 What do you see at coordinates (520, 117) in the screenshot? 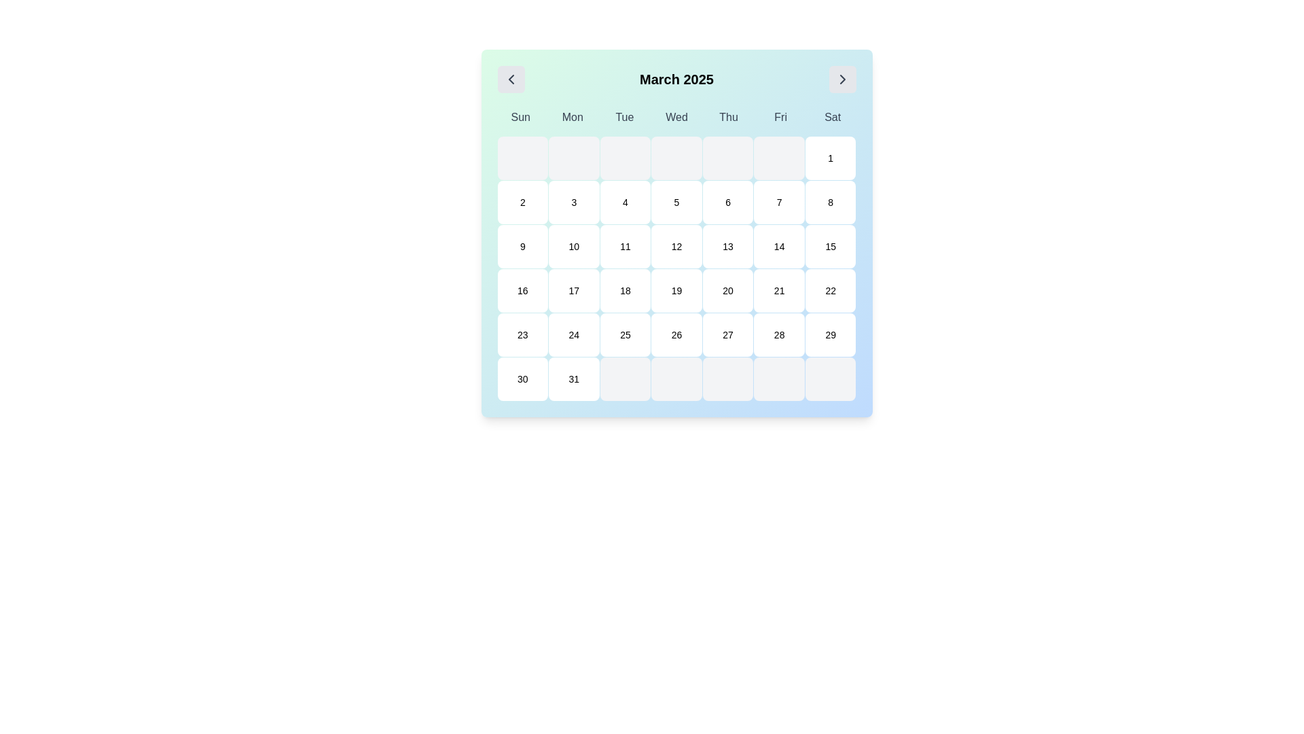
I see `the Text Label representing 'Sunday' in the weekly calendar located at the top-left corner of the grid` at bounding box center [520, 117].